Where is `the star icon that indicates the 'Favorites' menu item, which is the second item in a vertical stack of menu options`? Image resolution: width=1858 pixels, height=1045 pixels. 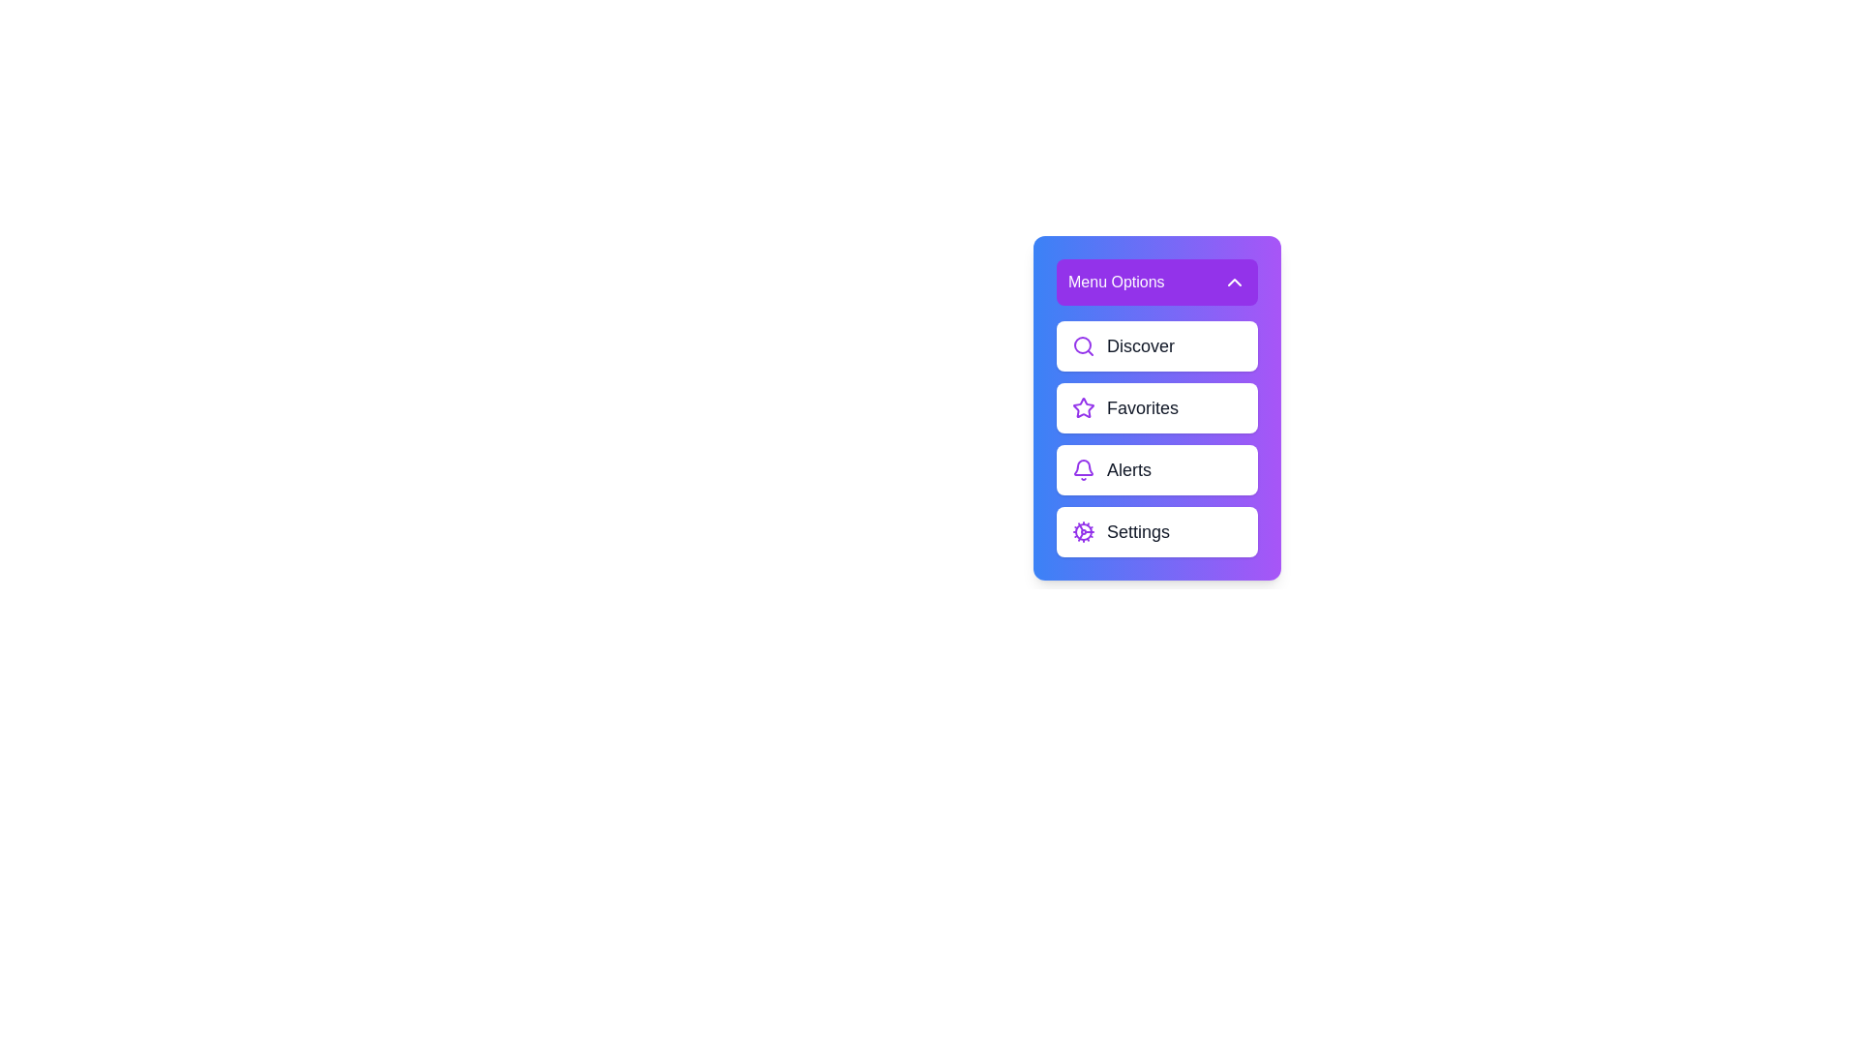 the star icon that indicates the 'Favorites' menu item, which is the second item in a vertical stack of menu options is located at coordinates (1081, 405).